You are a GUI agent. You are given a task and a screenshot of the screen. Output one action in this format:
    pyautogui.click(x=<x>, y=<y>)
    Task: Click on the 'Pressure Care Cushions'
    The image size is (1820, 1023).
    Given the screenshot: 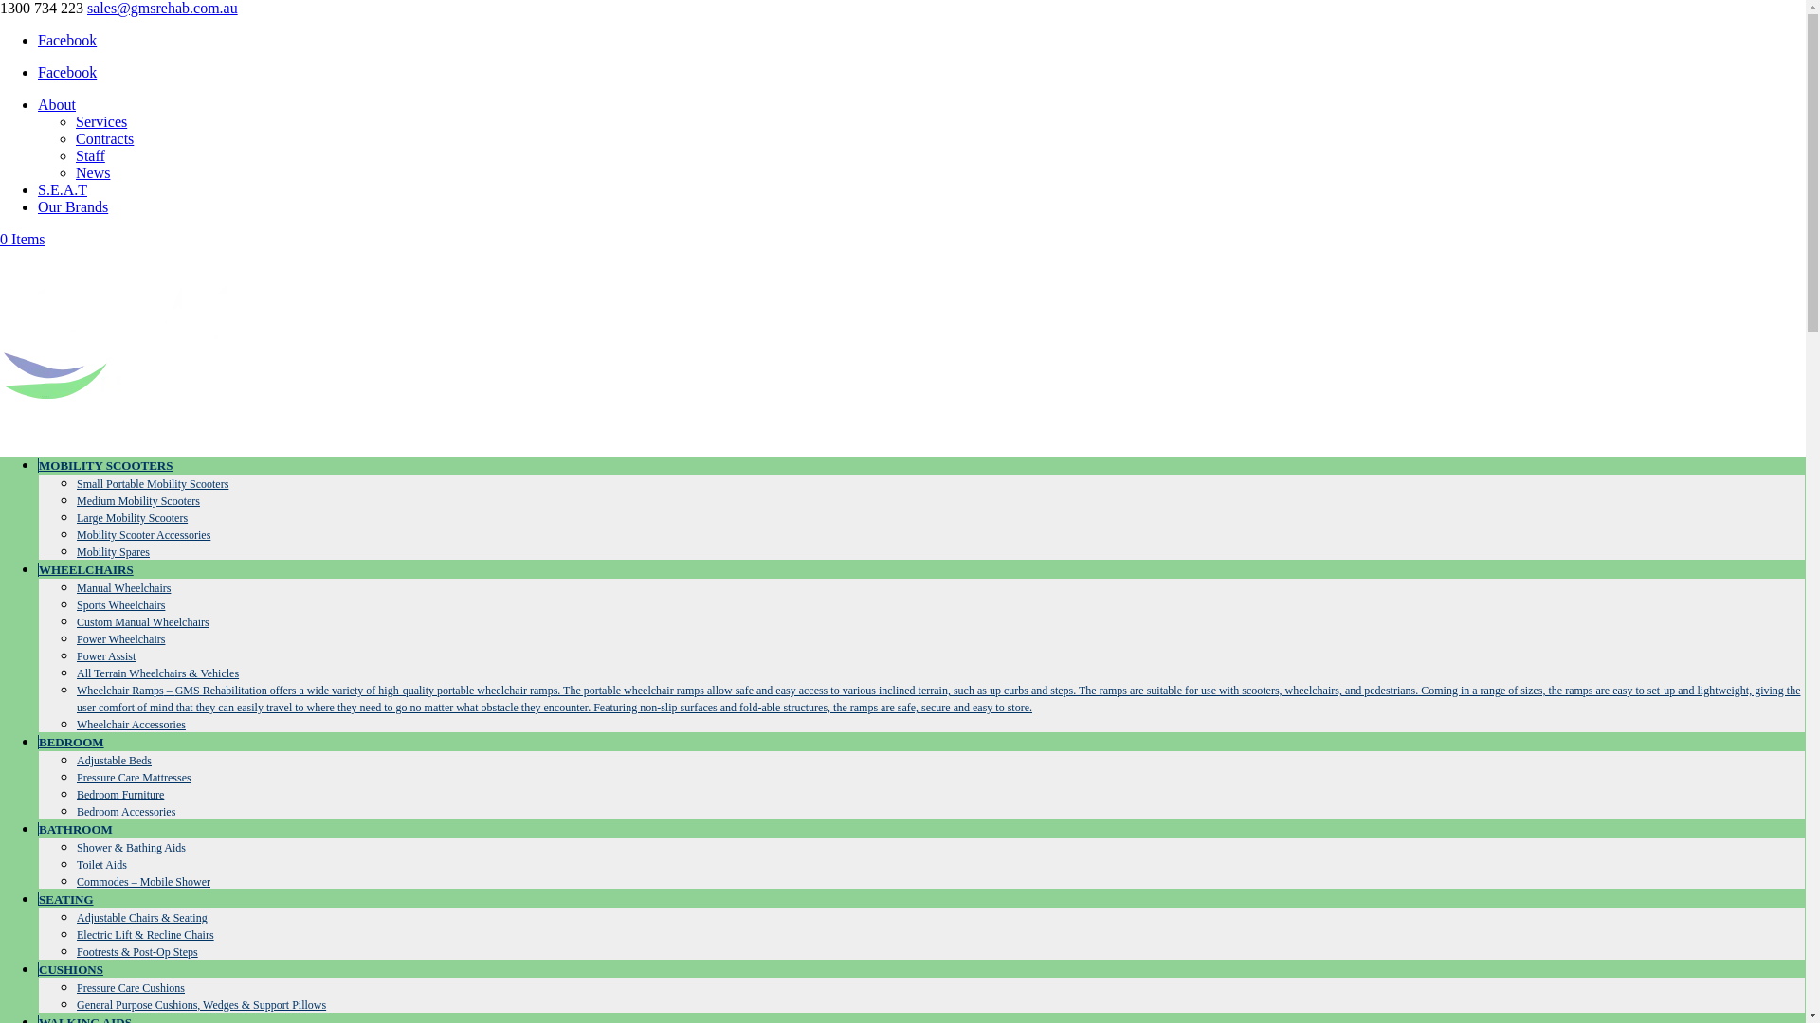 What is the action you would take?
    pyautogui.click(x=76, y=986)
    